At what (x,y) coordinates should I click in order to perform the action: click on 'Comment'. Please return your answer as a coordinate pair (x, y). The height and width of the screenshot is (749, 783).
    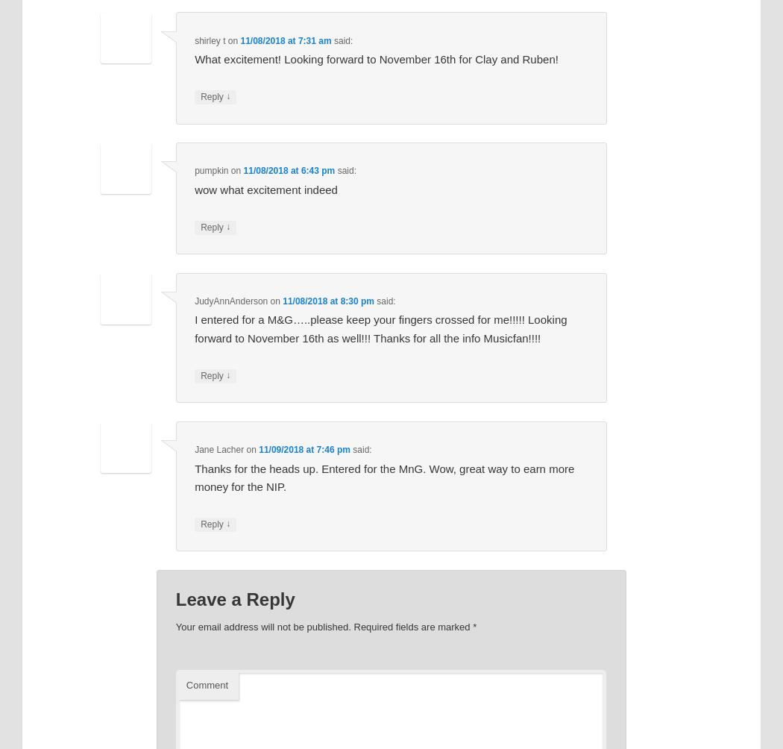
    Looking at the image, I should click on (206, 684).